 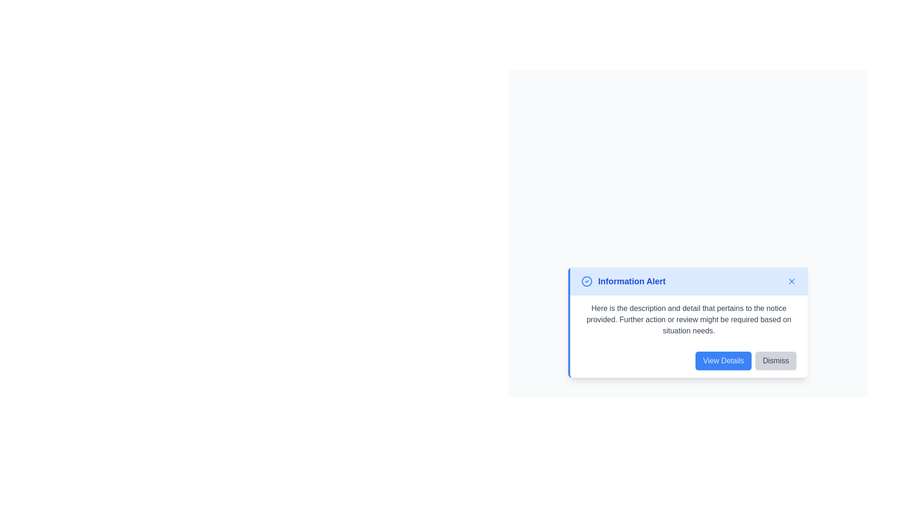 I want to click on text content of the bold blue 'Information Alert' label located in the upper section of the blue alert box, adjacent to the circular checkmark icon, so click(x=623, y=281).